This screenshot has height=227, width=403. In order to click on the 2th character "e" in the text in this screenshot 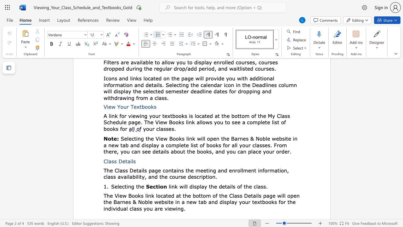, I will do `click(226, 195)`.